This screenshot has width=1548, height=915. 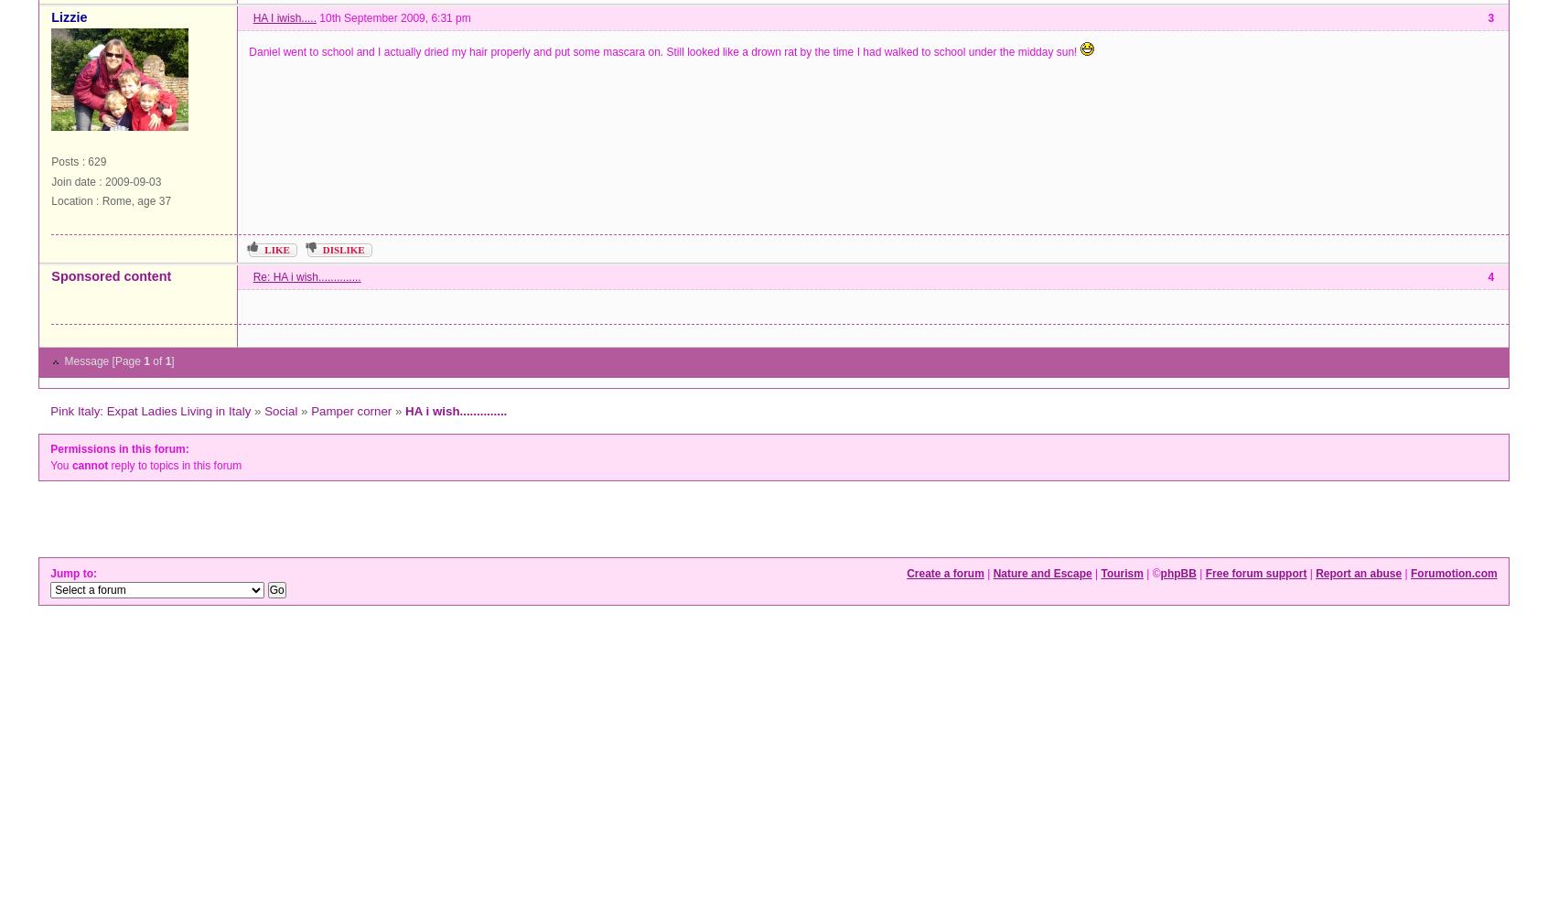 What do you see at coordinates (59, 466) in the screenshot?
I see `'You'` at bounding box center [59, 466].